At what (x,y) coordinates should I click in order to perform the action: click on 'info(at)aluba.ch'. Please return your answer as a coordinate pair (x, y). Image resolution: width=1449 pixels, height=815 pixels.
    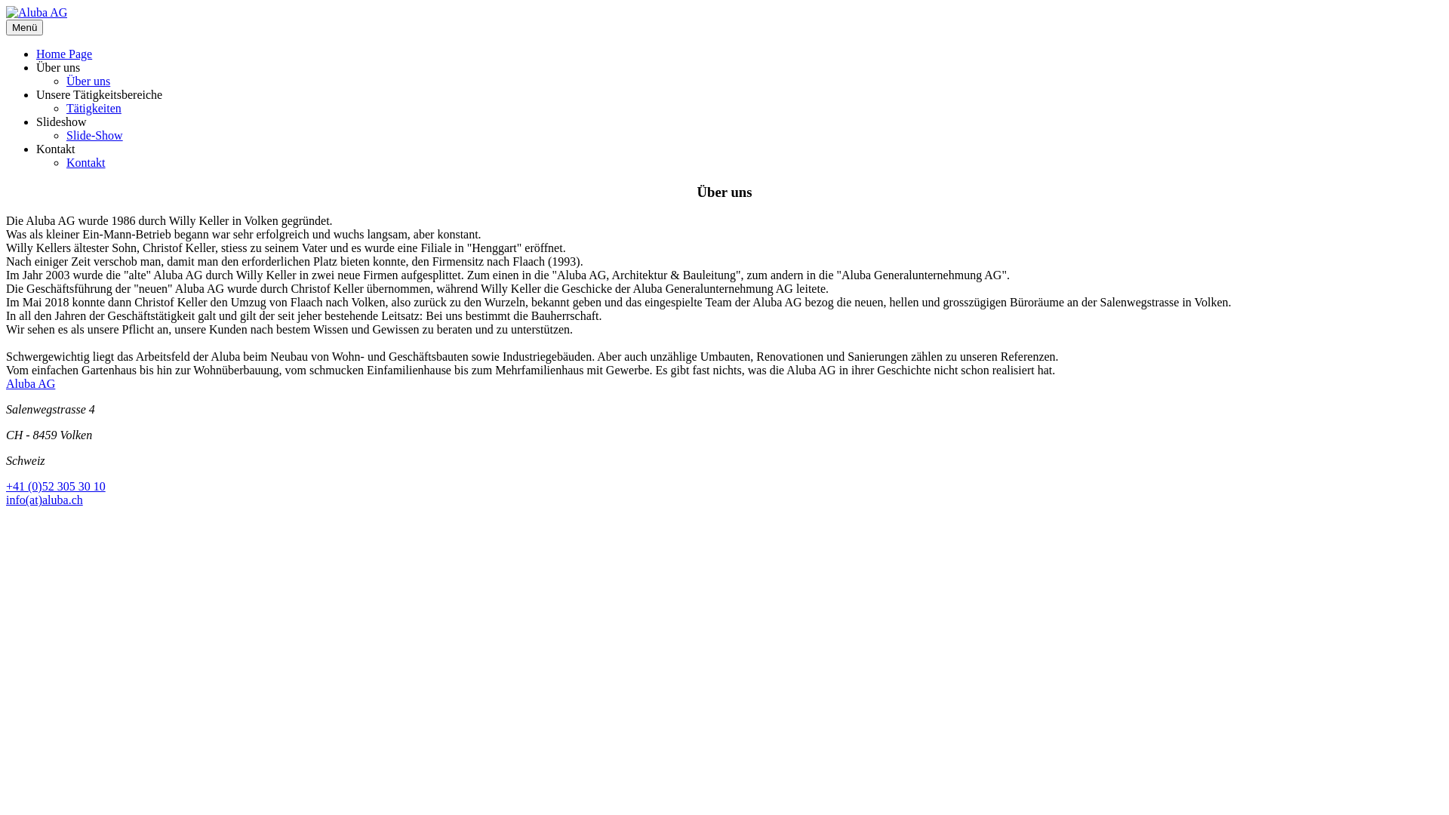
    Looking at the image, I should click on (44, 500).